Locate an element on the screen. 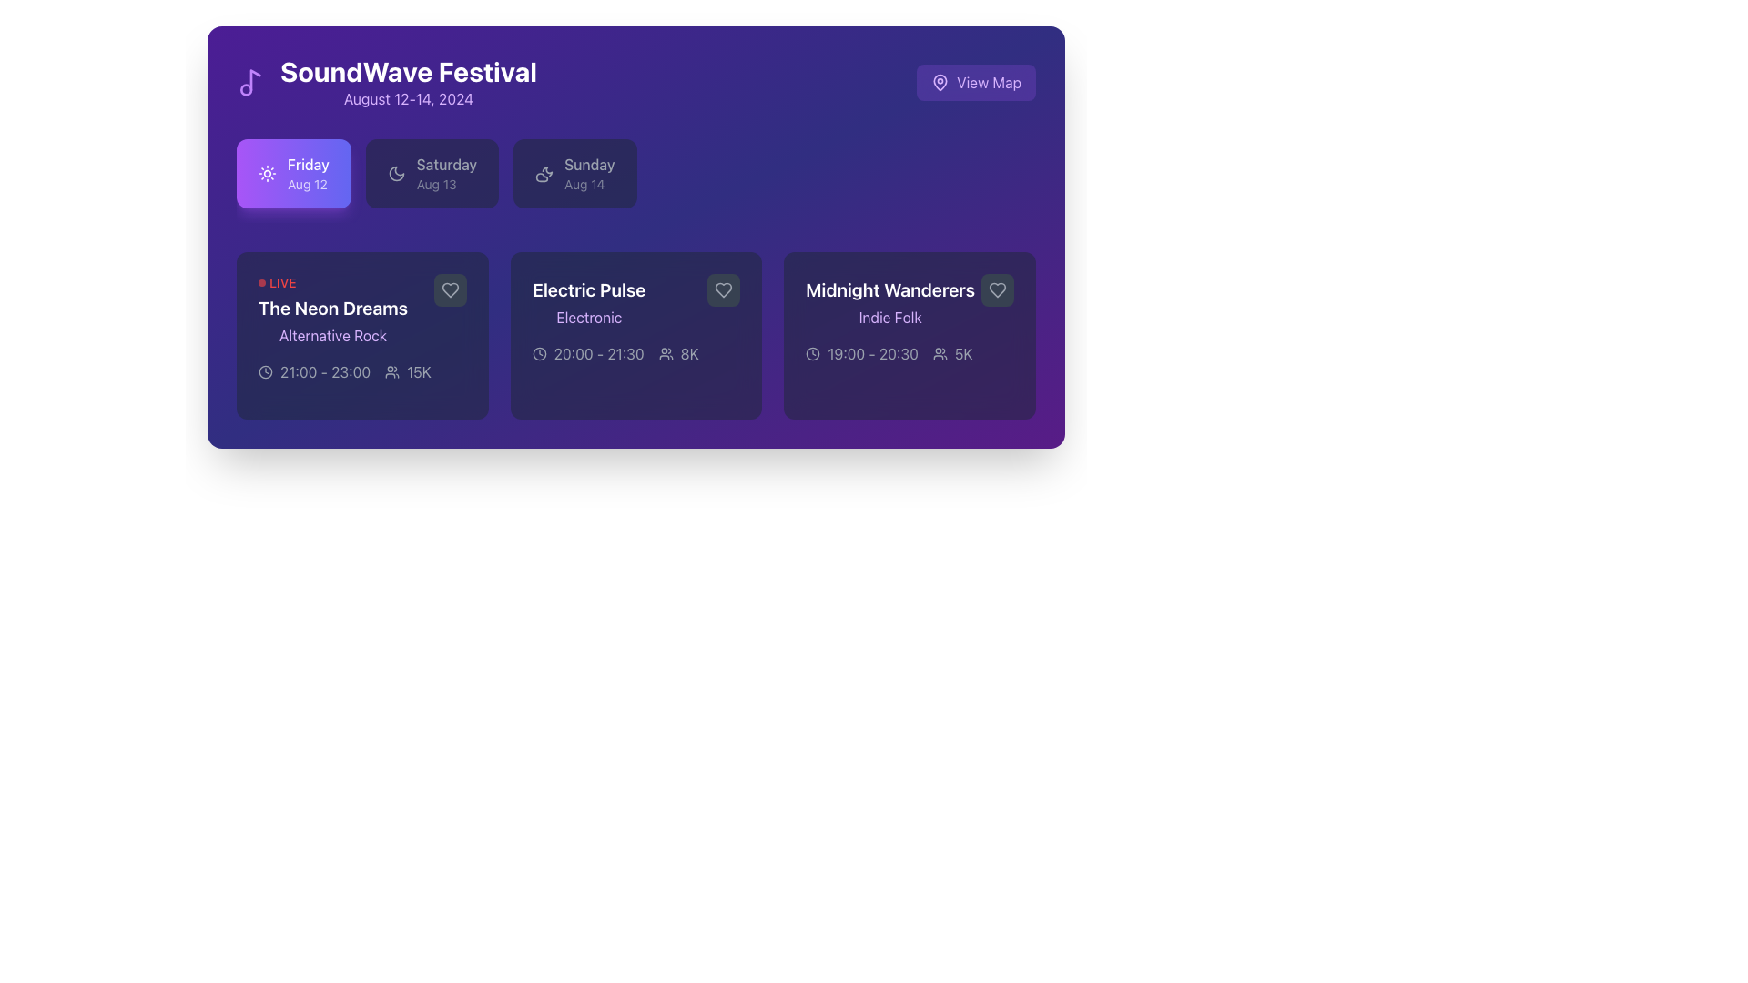 This screenshot has height=983, width=1748. the decorative musical theme icon located at the top-left corner of the header section, to the left of the 'SoundWave Festival' text and its date range is located at coordinates (249, 83).